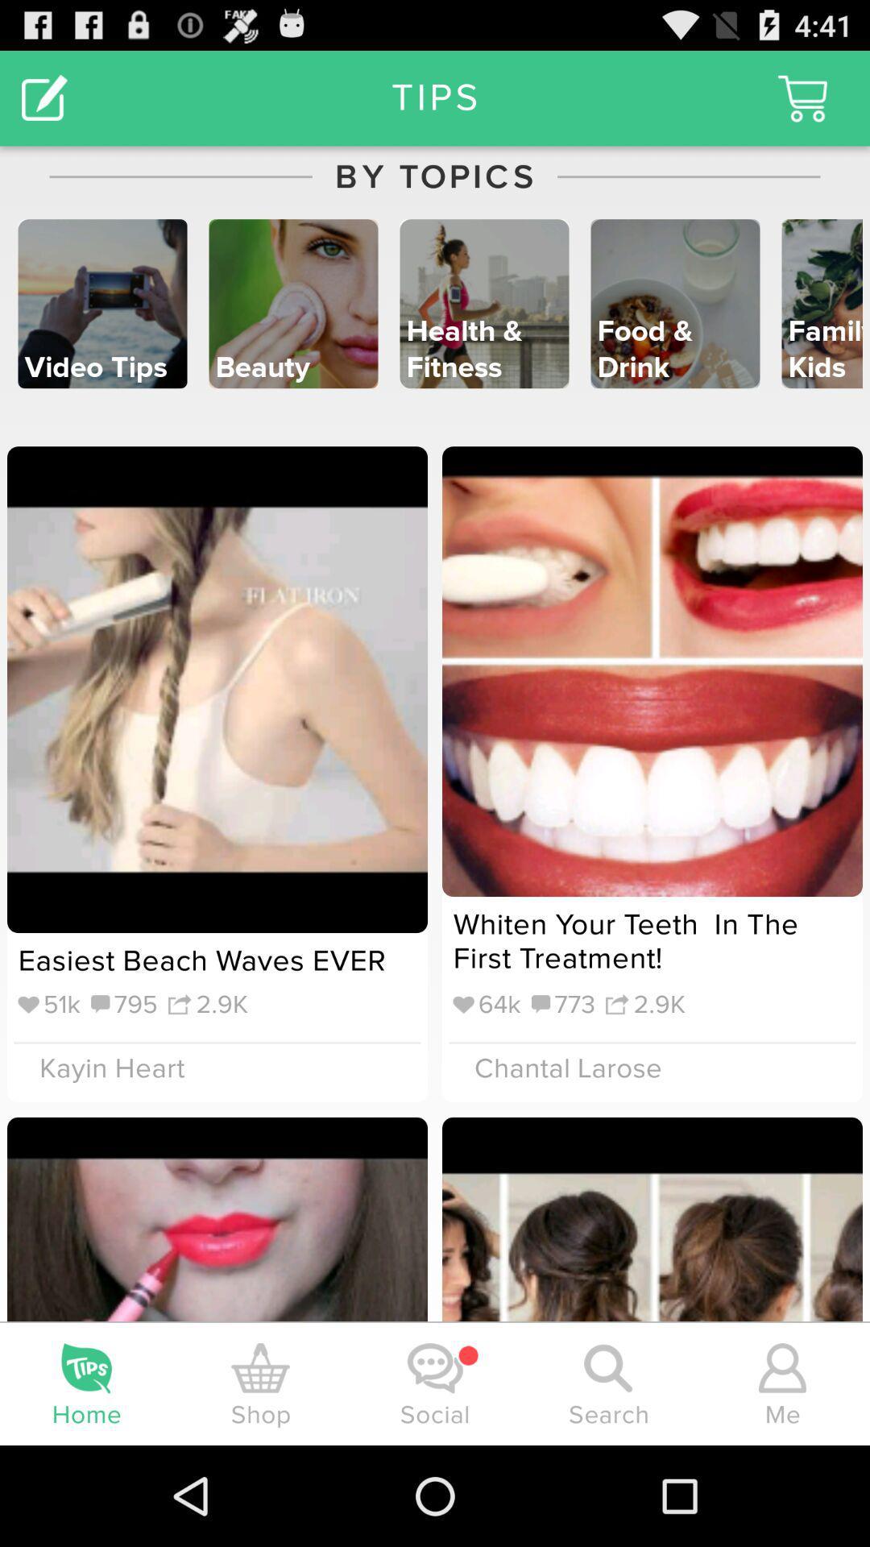 The height and width of the screenshot is (1547, 870). Describe the element at coordinates (802, 104) in the screenshot. I see `the cart icon` at that location.